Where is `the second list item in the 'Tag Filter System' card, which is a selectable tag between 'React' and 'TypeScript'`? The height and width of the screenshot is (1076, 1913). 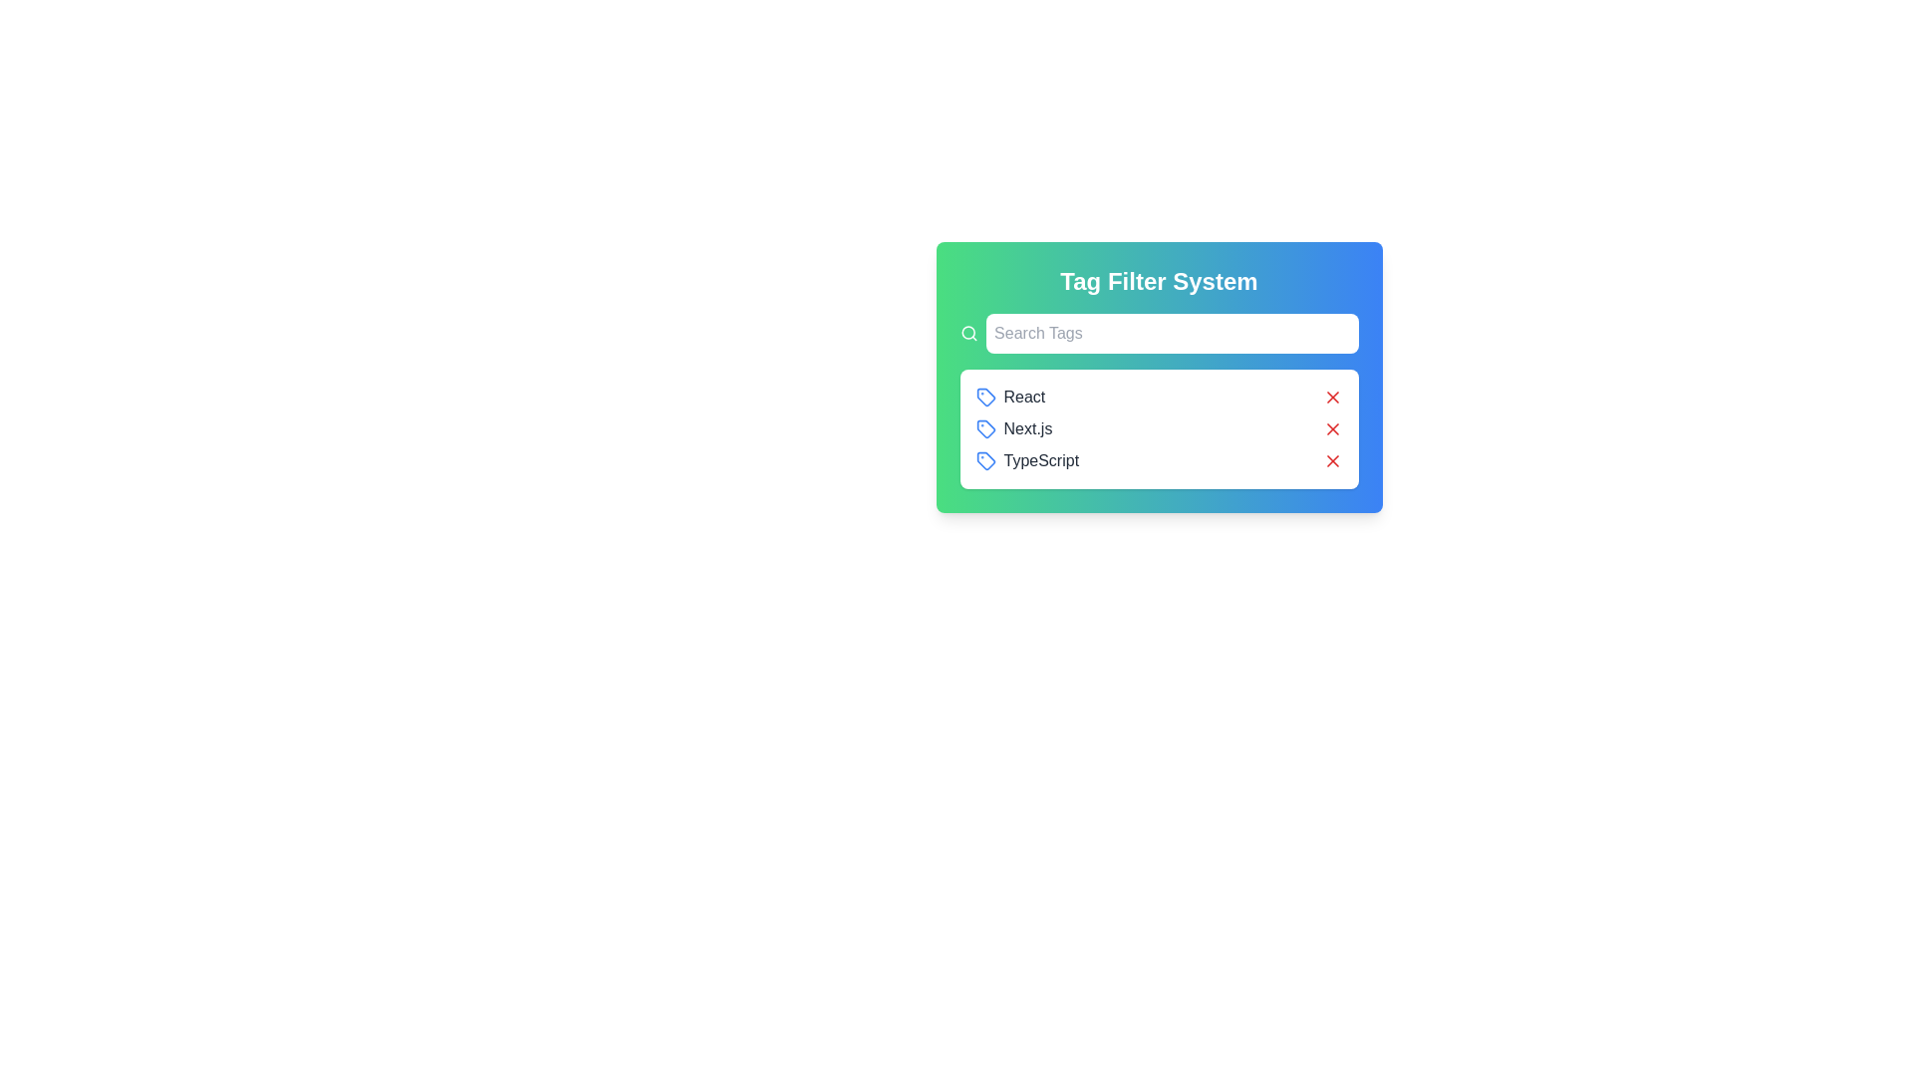
the second list item in the 'Tag Filter System' card, which is a selectable tag between 'React' and 'TypeScript' is located at coordinates (1013, 428).